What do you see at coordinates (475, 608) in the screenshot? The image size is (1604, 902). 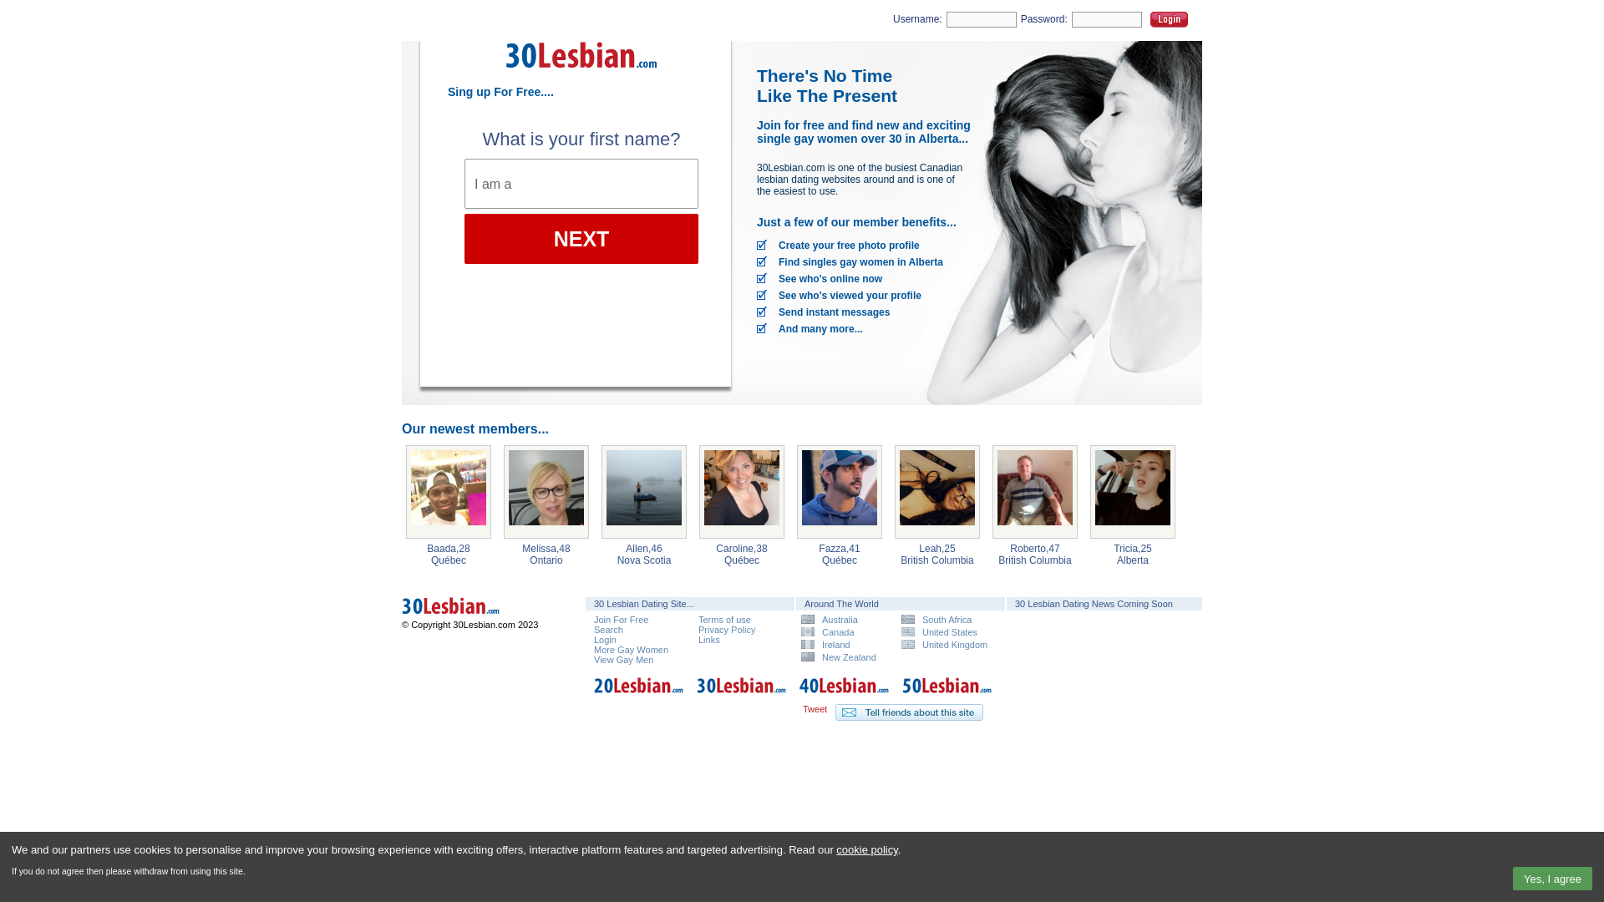 I see `'30 Lesbian Dating Canada'` at bounding box center [475, 608].